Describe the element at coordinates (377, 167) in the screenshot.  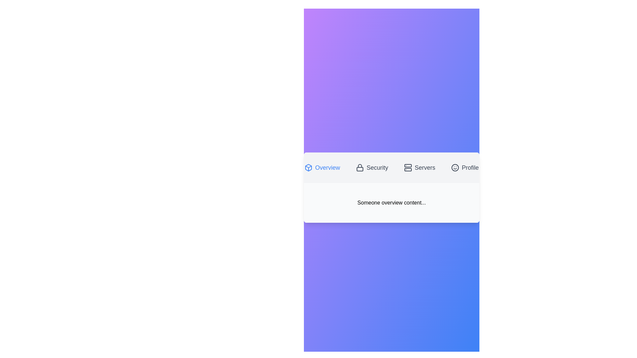
I see `the 'Security' text label, which is part of the navigation menu and located next to a lock icon` at that location.